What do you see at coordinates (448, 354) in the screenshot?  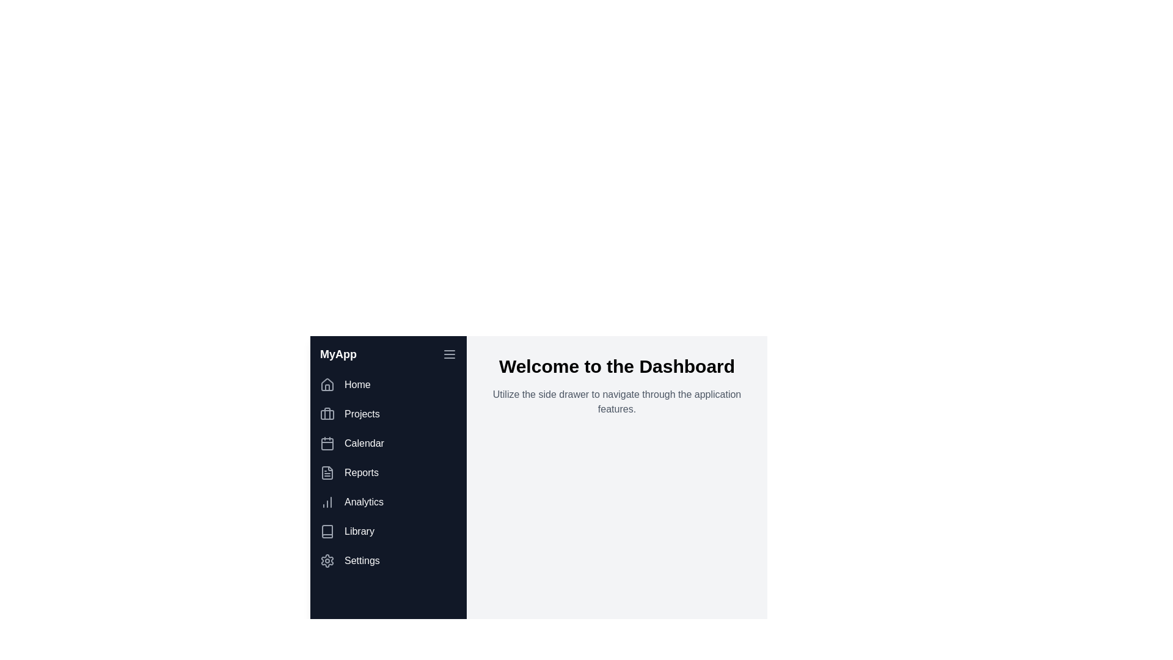 I see `the menu button to toggle the drawer` at bounding box center [448, 354].